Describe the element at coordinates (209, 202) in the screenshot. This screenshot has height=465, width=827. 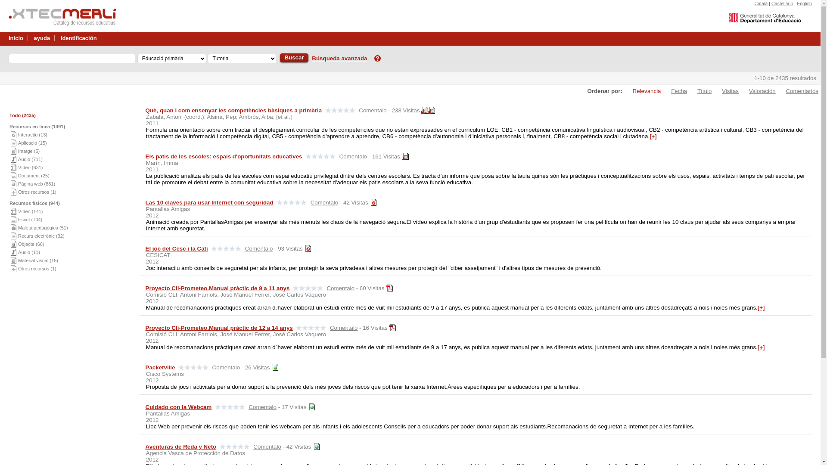
I see `'Las 10 claves para usar Internet con seguridad'` at that location.